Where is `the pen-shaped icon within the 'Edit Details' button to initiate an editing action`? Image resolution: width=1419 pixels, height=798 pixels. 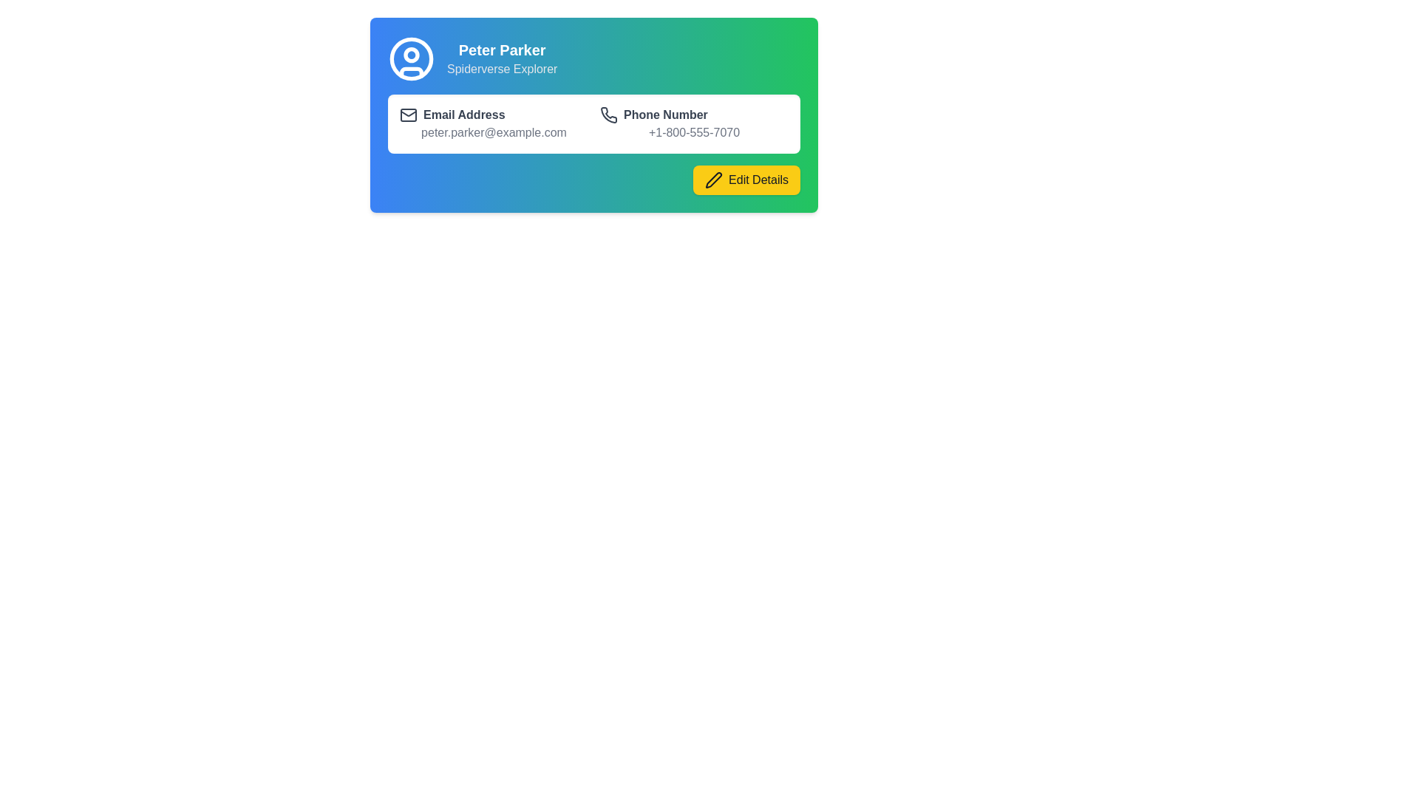
the pen-shaped icon within the 'Edit Details' button to initiate an editing action is located at coordinates (714, 179).